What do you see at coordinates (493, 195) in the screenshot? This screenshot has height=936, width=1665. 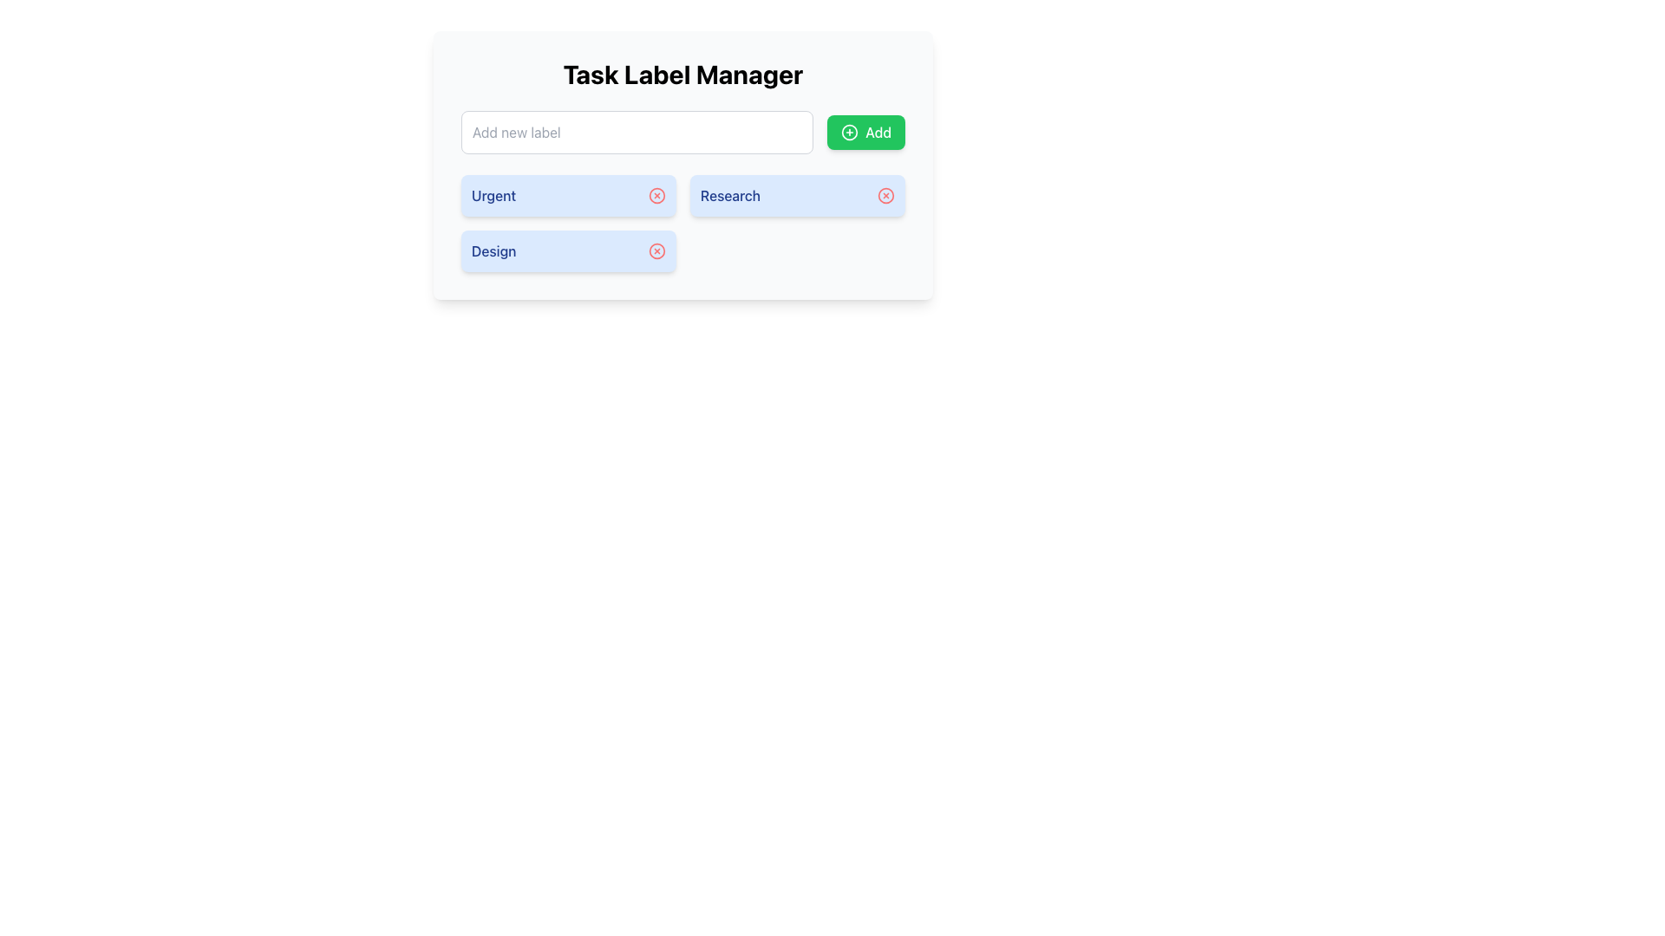 I see `text label 'Urgent' displayed within the light blue rounded rectangle in the upper left corner of the Task Label Manager interface` at bounding box center [493, 195].